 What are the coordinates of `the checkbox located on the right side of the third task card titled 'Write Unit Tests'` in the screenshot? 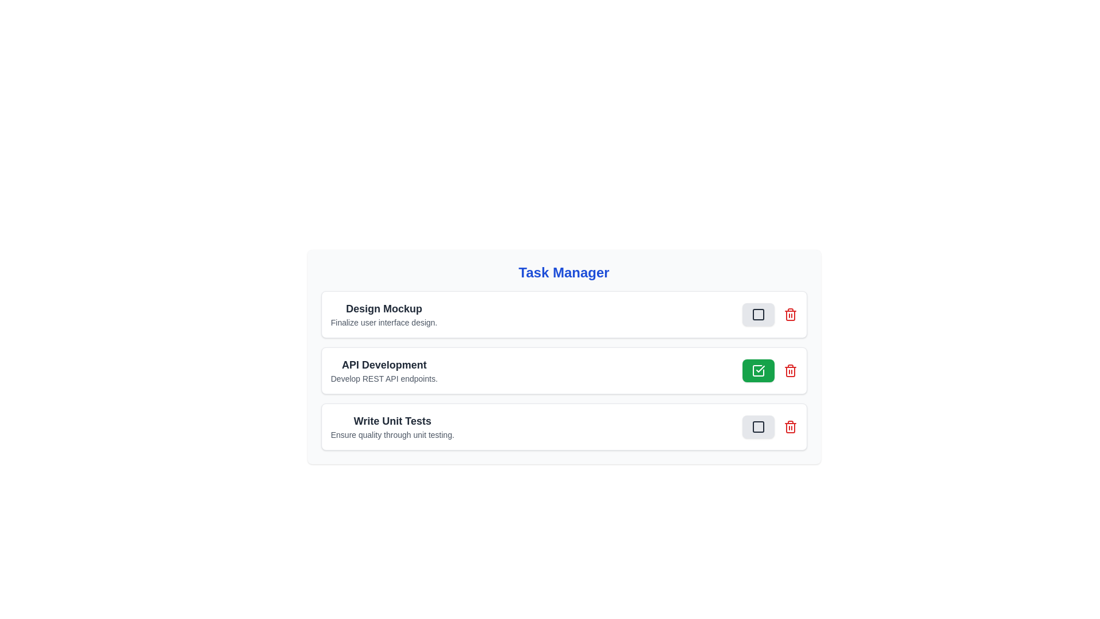 It's located at (769, 426).